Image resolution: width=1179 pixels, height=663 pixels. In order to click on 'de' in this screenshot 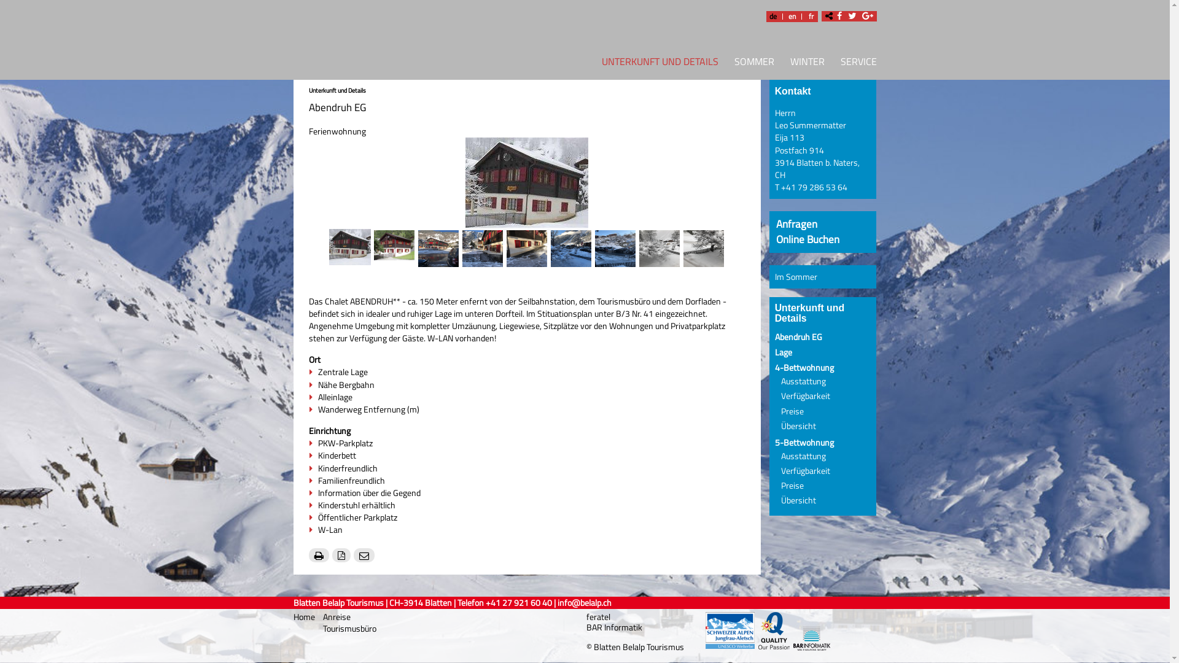, I will do `click(772, 16)`.